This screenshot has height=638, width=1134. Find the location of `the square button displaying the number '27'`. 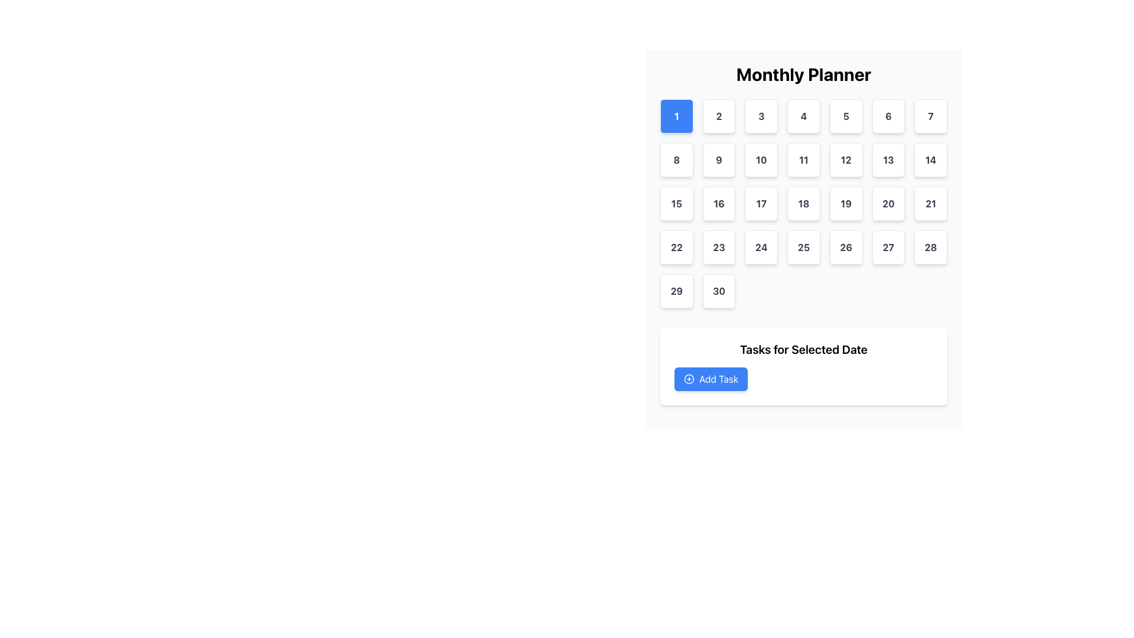

the square button displaying the number '27' is located at coordinates (888, 247).